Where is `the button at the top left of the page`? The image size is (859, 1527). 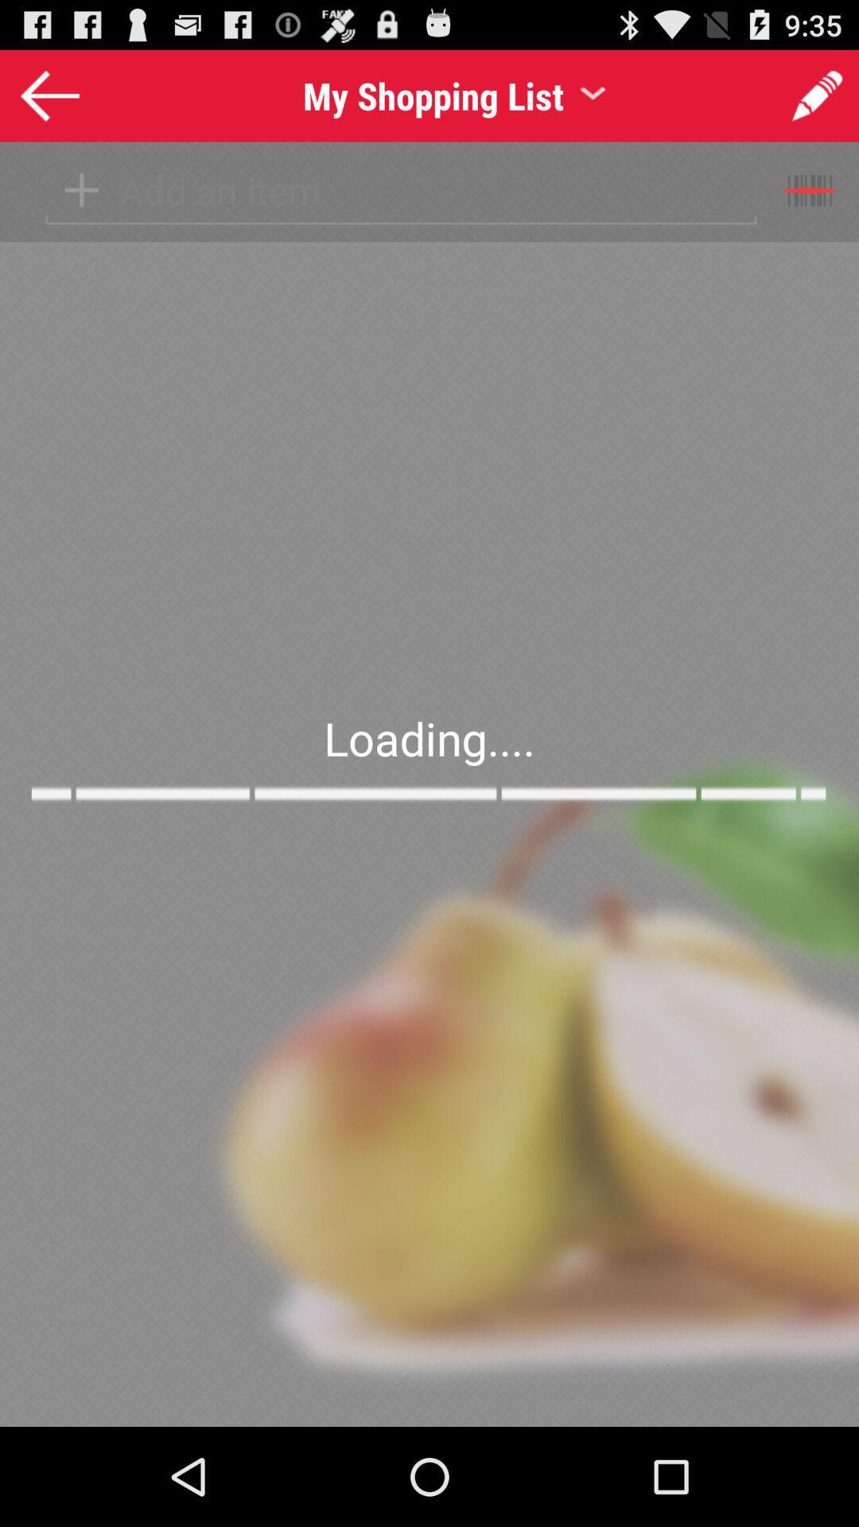
the button at the top left of the page is located at coordinates (49, 94).